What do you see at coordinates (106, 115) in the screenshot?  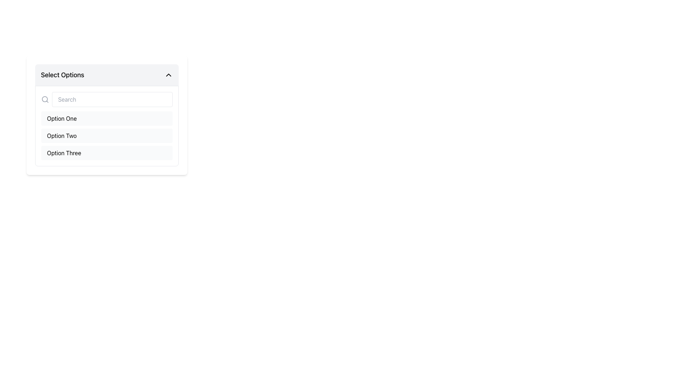 I see `the option in the dropdown menu located beneath the title 'Select Options'` at bounding box center [106, 115].